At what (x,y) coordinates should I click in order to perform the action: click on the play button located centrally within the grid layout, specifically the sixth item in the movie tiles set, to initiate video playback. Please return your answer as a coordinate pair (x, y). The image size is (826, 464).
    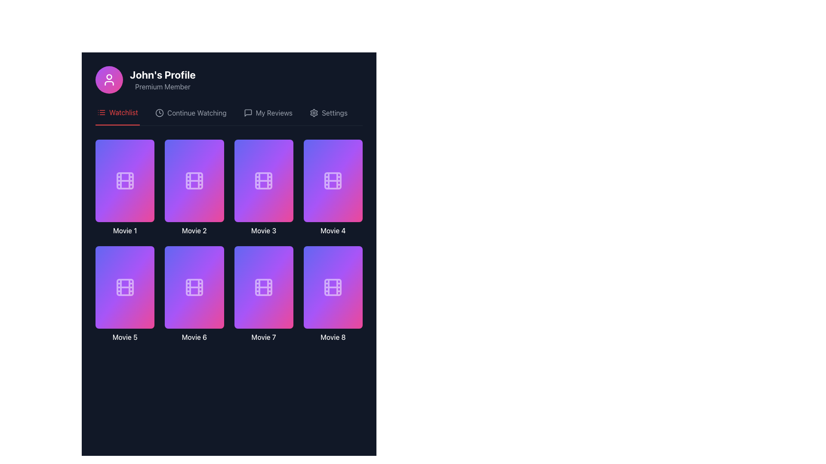
    Looking at the image, I should click on (194, 283).